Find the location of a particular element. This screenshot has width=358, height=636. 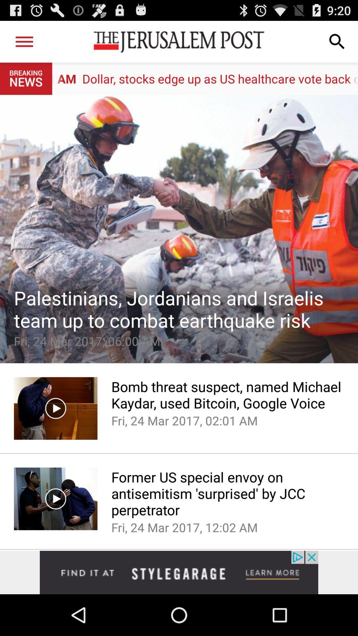

open menu is located at coordinates (24, 41).